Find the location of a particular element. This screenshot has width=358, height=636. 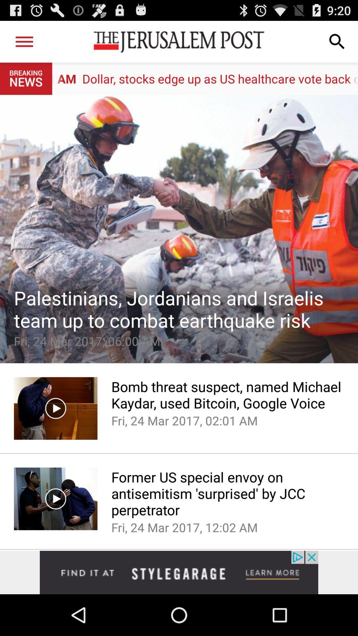

open menu is located at coordinates (24, 41).